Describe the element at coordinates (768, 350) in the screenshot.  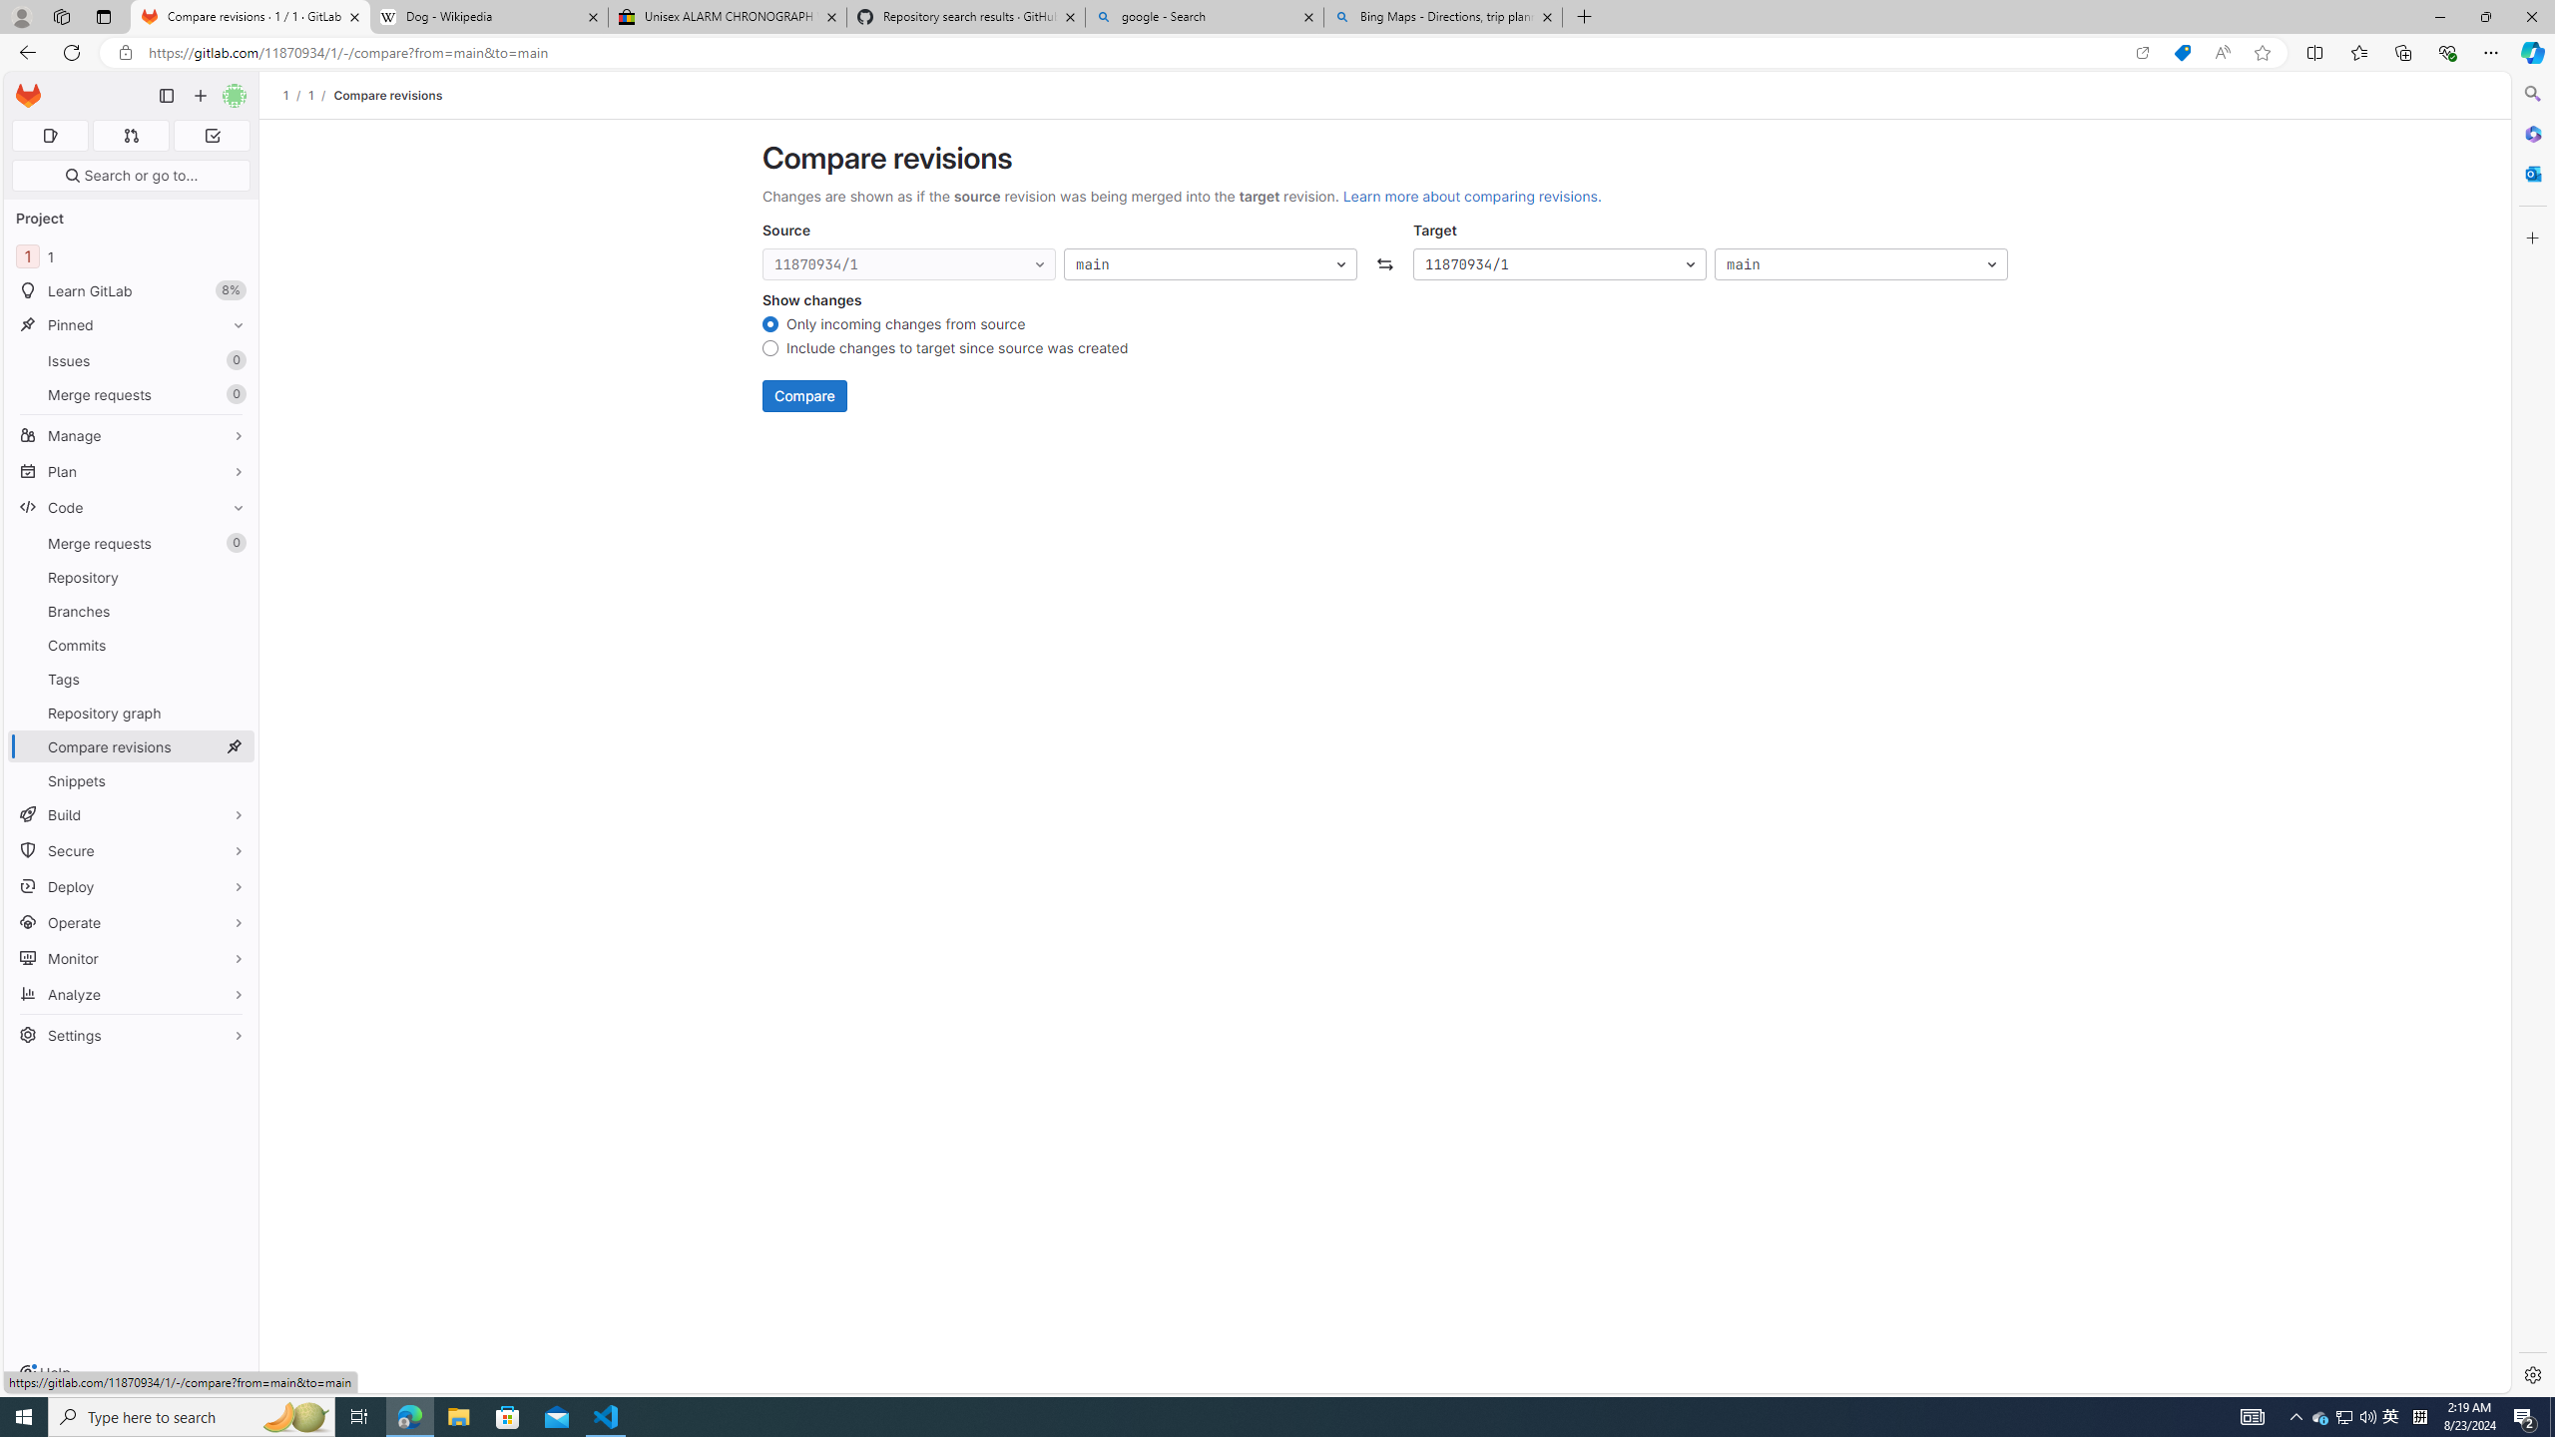
I see `'Include changes to target since source was created'` at that location.